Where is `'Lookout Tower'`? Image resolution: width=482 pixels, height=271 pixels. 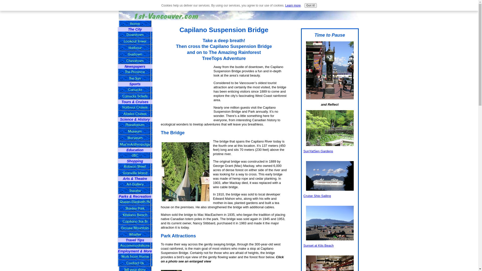
'Lookout Tower' is located at coordinates (135, 41).